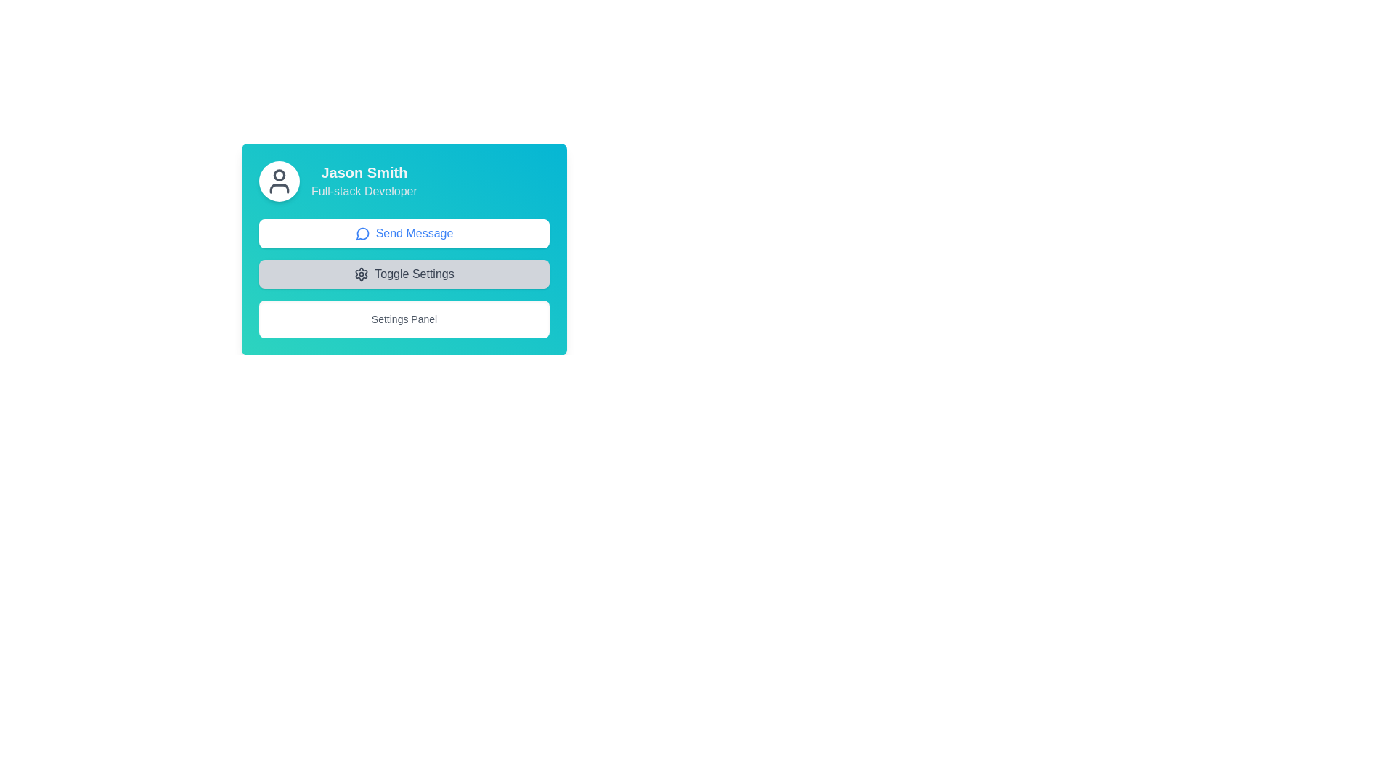 This screenshot has width=1394, height=784. Describe the element at coordinates (362, 233) in the screenshot. I see `the message sending icon located to the left of the 'Send Message' button text, which visually represents sending a message or initiating a chat` at that location.